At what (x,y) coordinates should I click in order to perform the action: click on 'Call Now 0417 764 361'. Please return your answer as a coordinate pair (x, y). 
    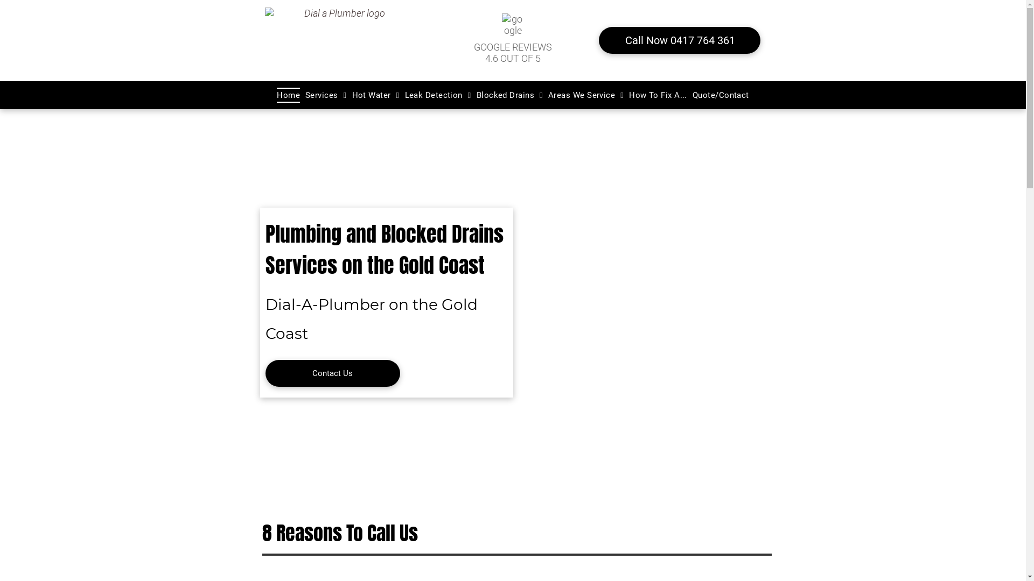
    Looking at the image, I should click on (598, 39).